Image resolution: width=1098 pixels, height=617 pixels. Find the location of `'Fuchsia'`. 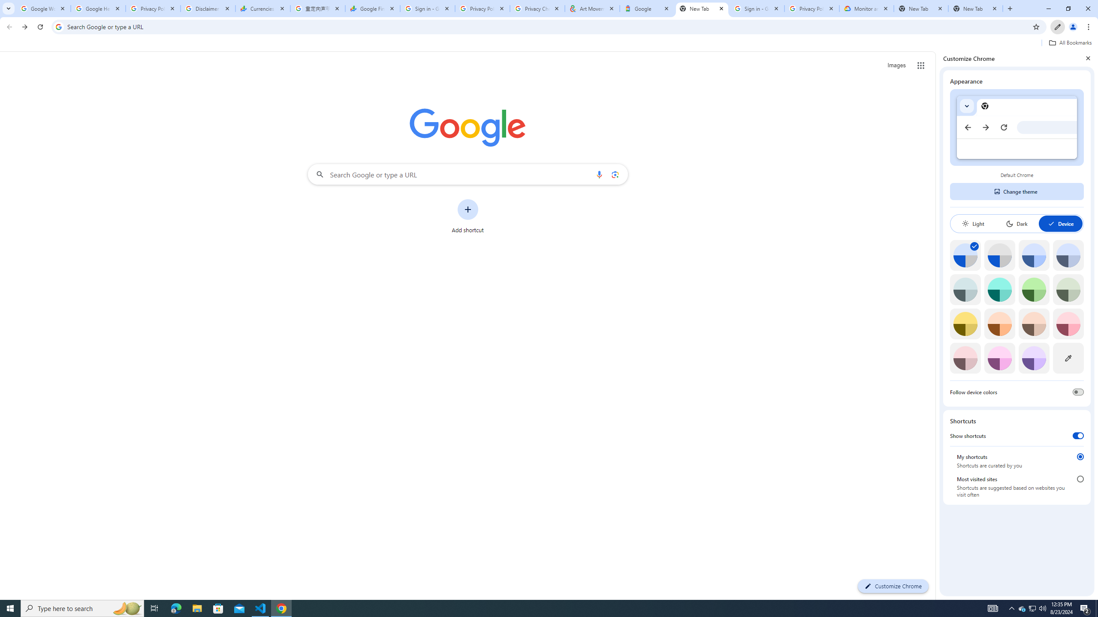

'Fuchsia' is located at coordinates (999, 358).